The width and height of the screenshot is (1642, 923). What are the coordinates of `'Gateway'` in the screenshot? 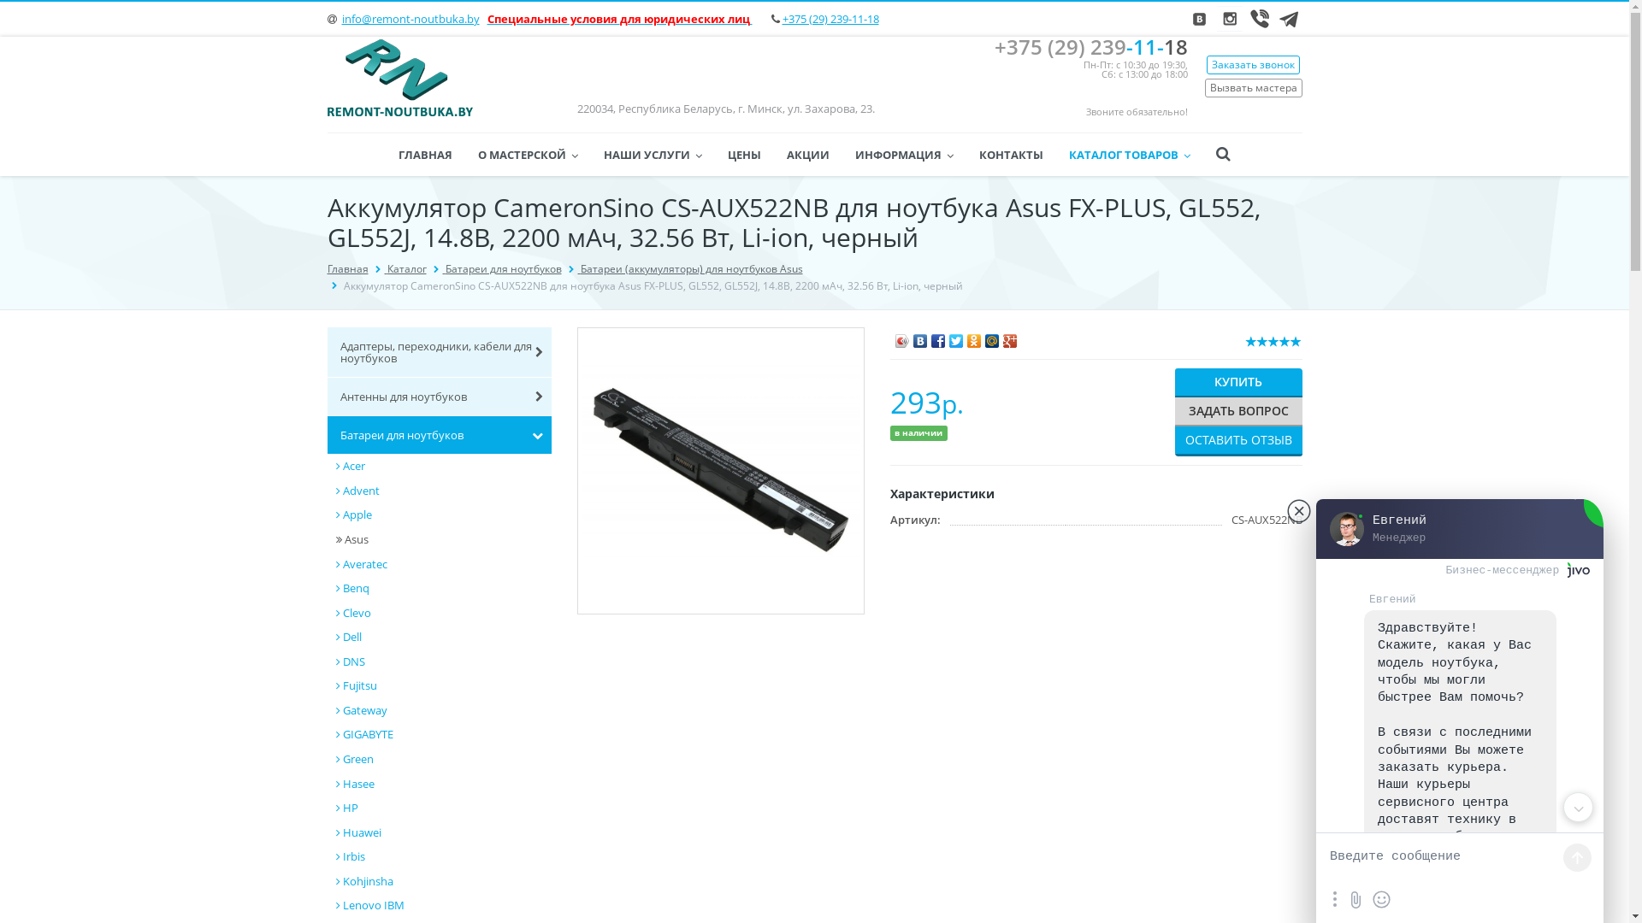 It's located at (335, 710).